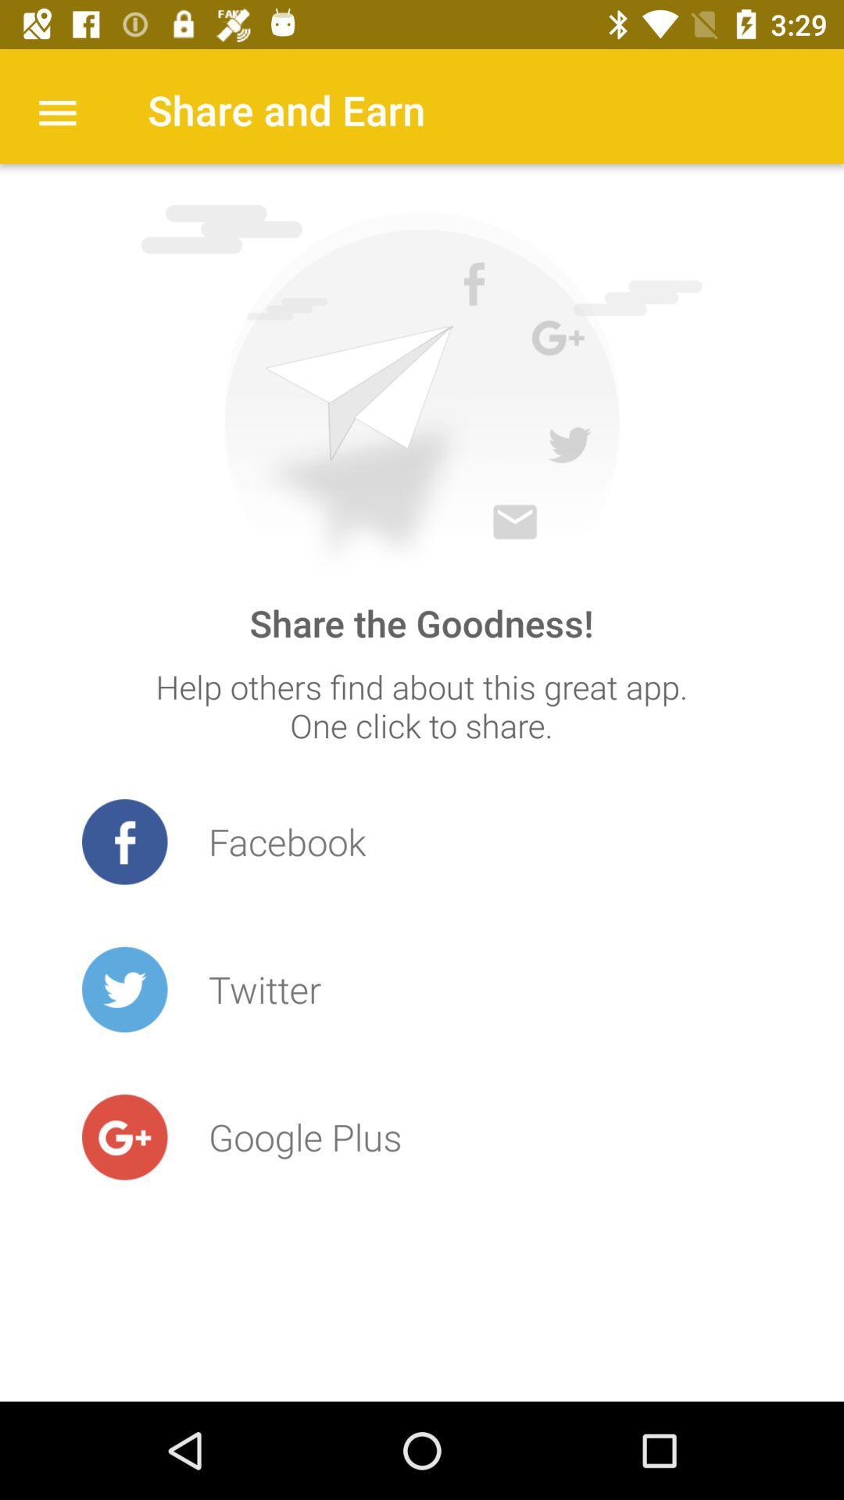  What do you see at coordinates (56, 110) in the screenshot?
I see `the item to the left of share and earn icon` at bounding box center [56, 110].